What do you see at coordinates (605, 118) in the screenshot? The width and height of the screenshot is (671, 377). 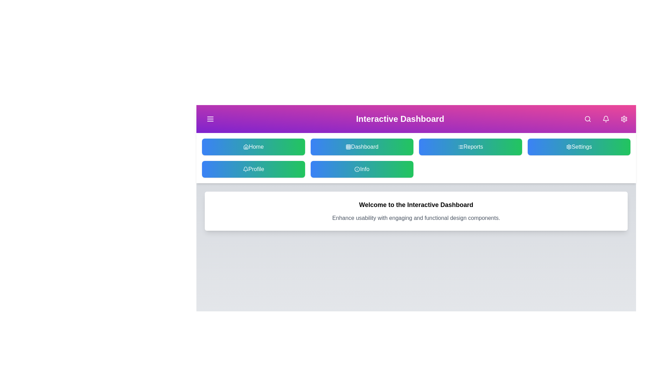 I see `the Bell button in the header navigation` at bounding box center [605, 118].